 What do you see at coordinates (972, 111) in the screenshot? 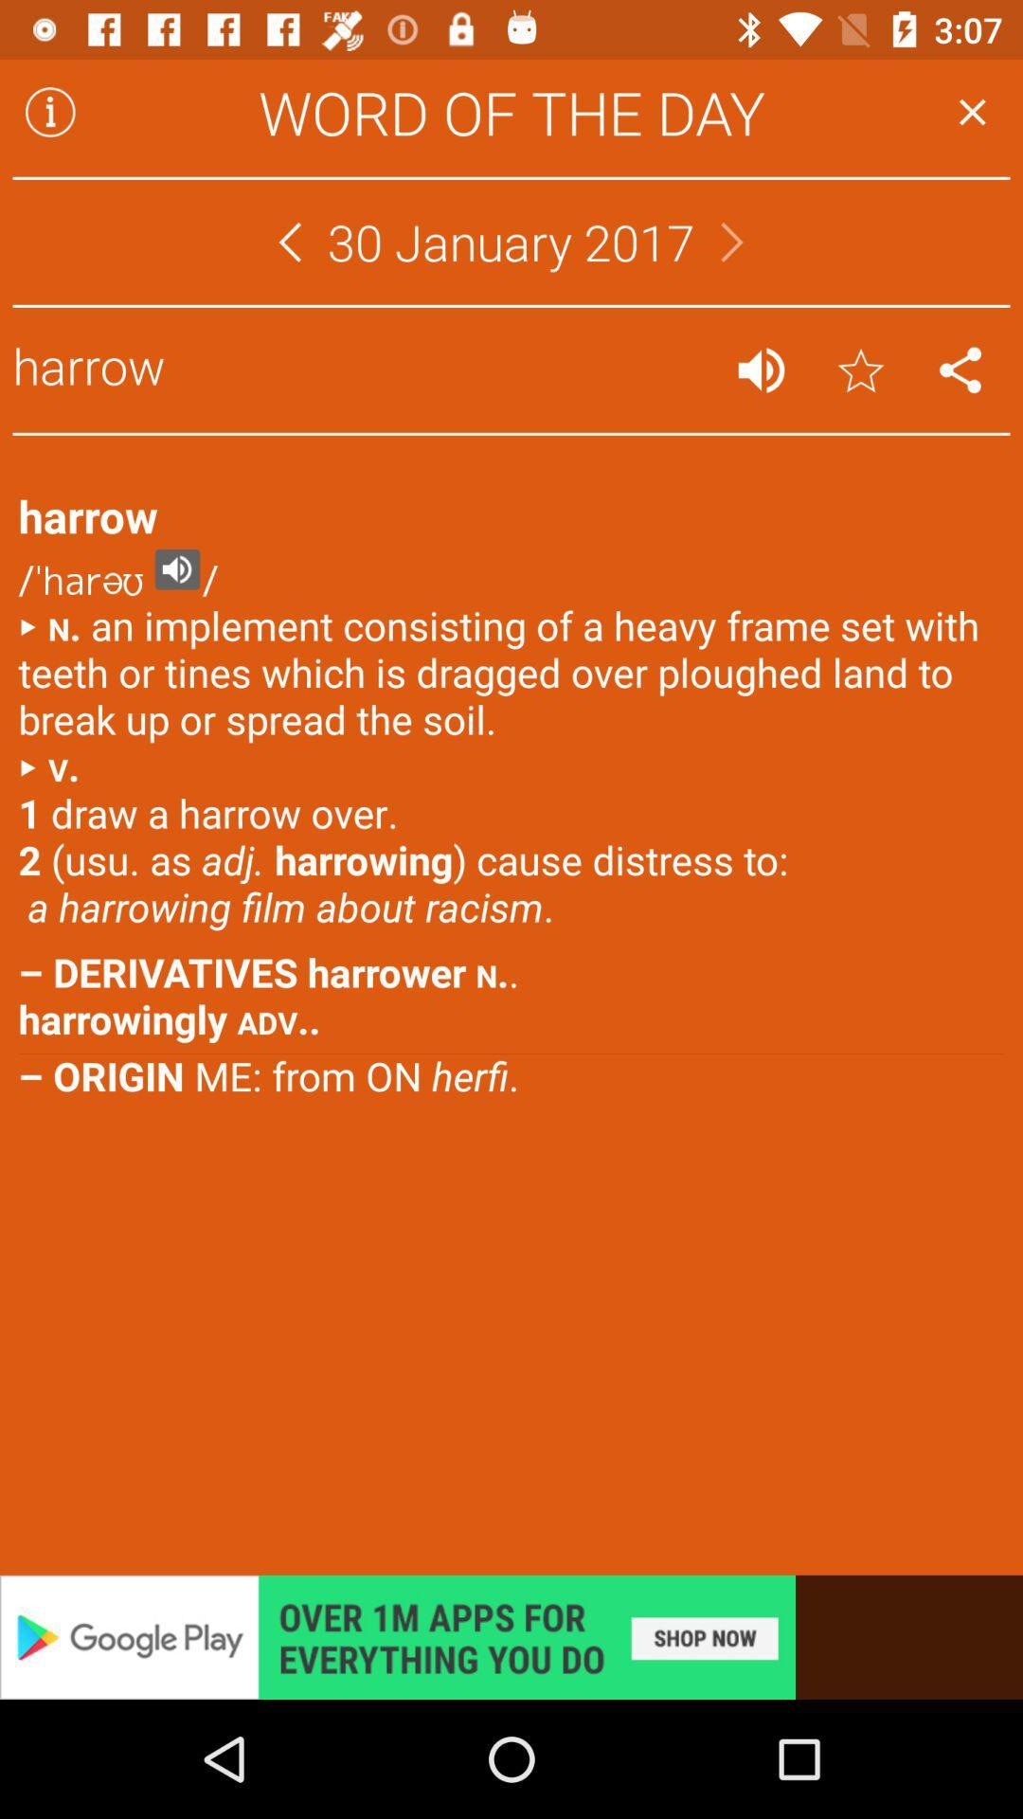
I see `option` at bounding box center [972, 111].